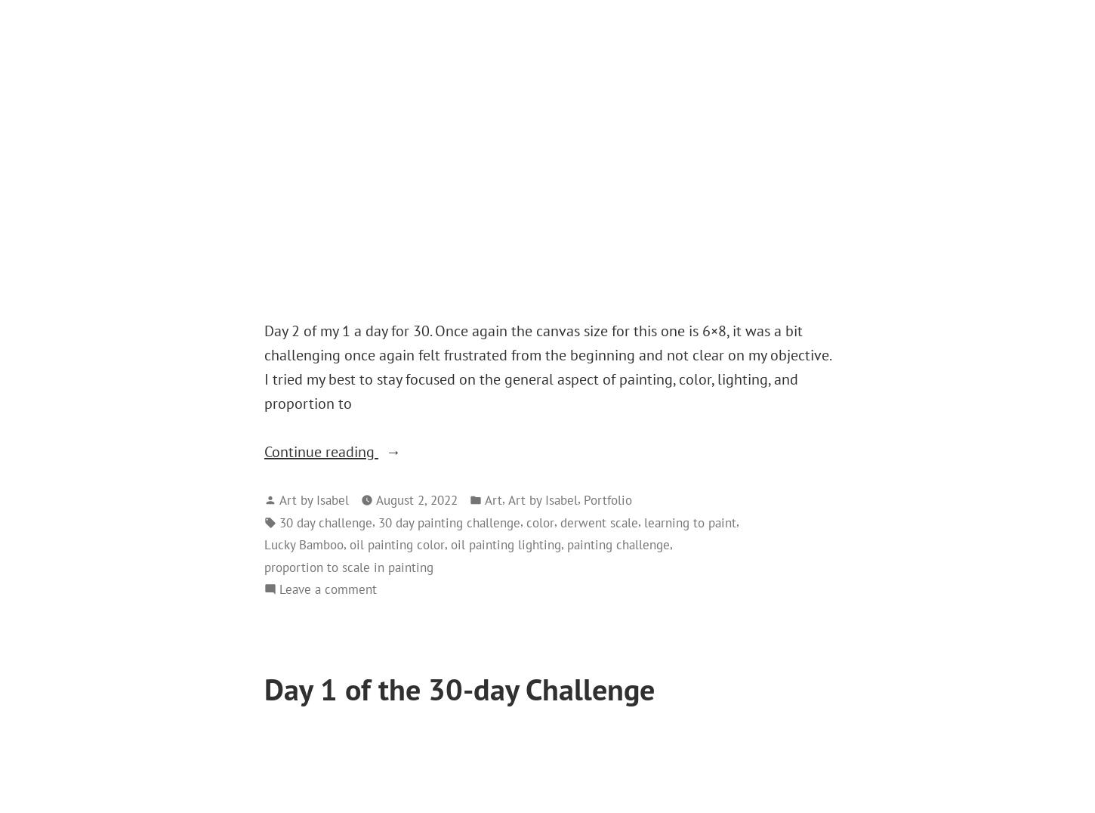 Image resolution: width=1095 pixels, height=813 pixels. I want to click on 'oil painting lighting', so click(505, 543).